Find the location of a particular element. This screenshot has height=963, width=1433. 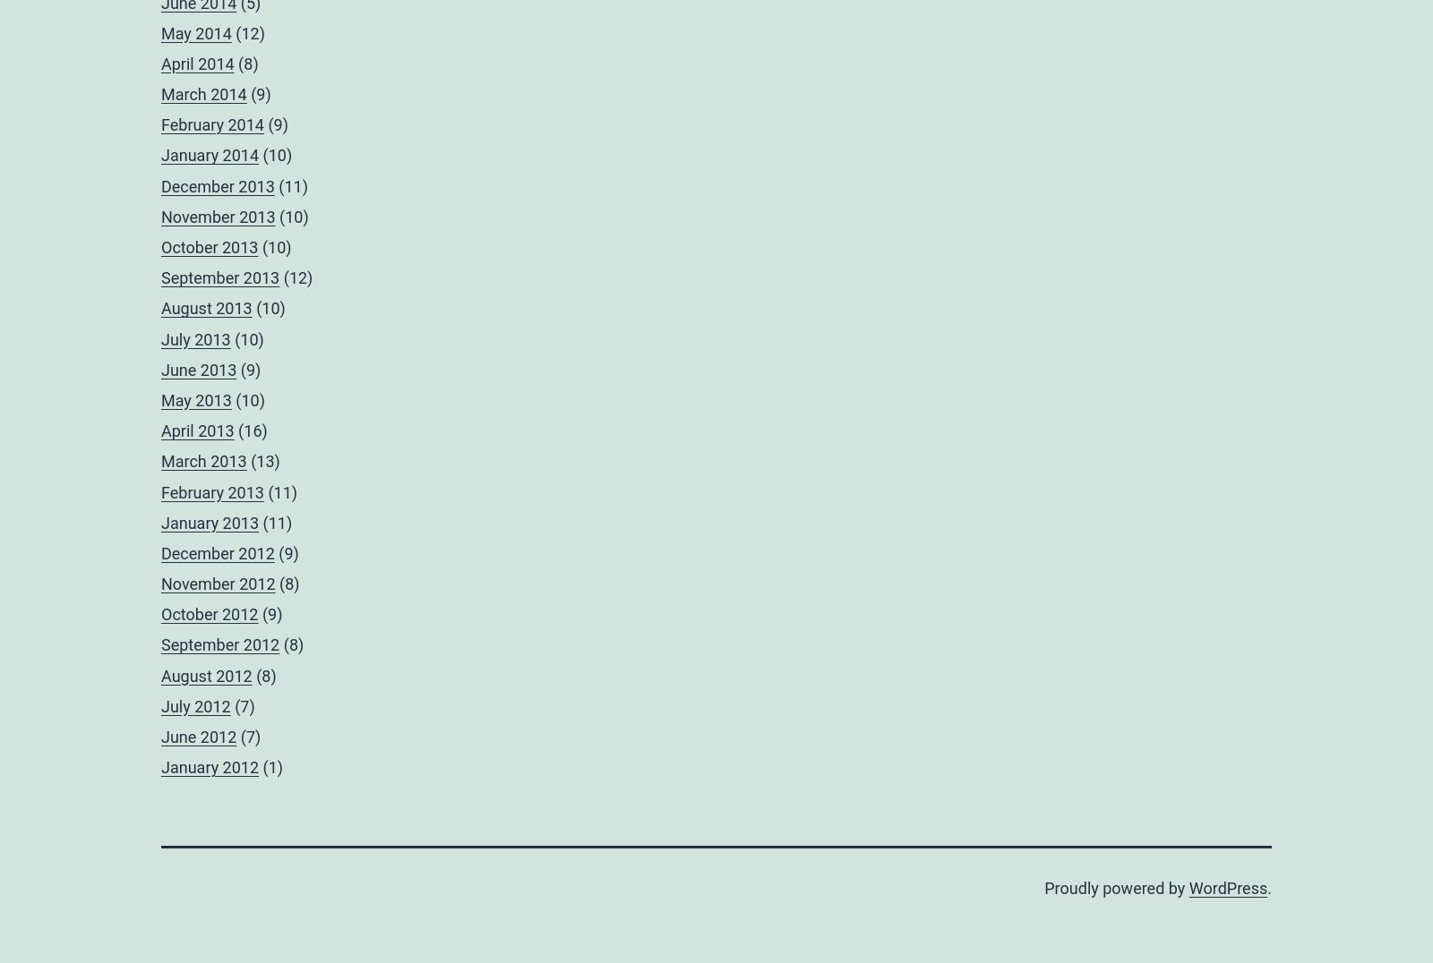

'November 2012' is located at coordinates (218, 583).